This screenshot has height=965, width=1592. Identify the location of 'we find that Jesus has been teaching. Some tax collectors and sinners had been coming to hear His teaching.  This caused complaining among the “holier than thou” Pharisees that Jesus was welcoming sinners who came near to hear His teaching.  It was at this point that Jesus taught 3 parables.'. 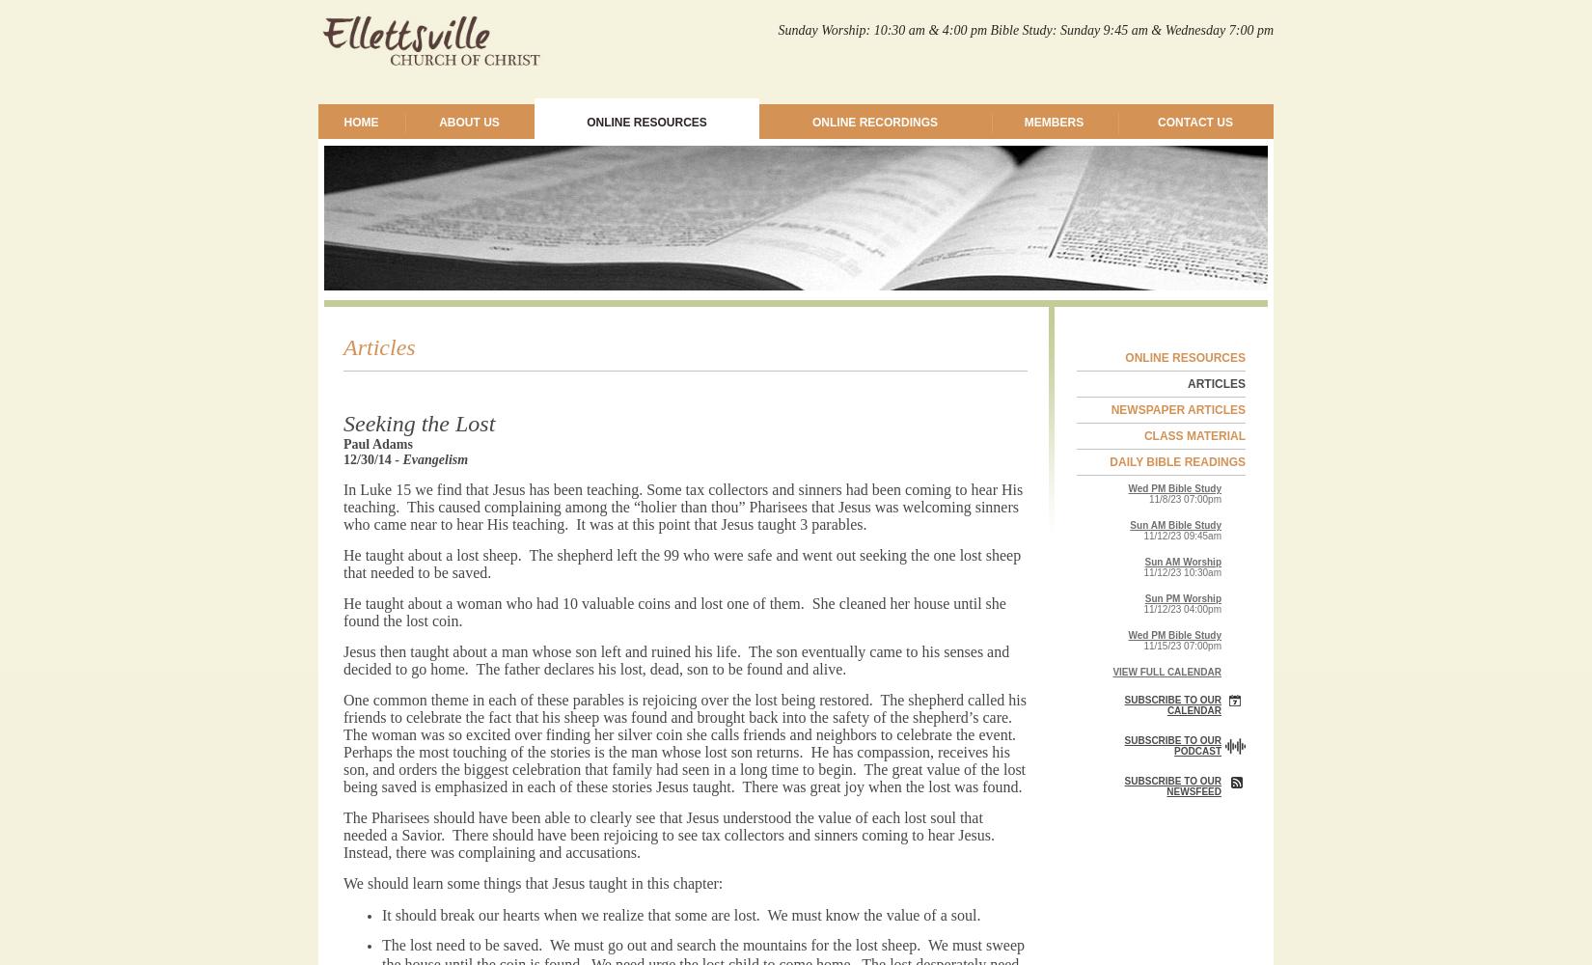
(343, 507).